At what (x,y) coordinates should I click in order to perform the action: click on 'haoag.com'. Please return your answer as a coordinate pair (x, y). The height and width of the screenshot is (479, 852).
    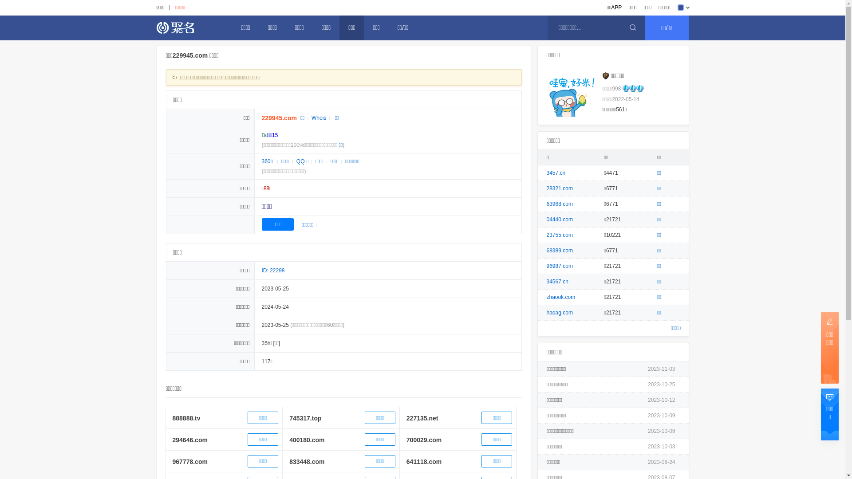
    Looking at the image, I should click on (546, 312).